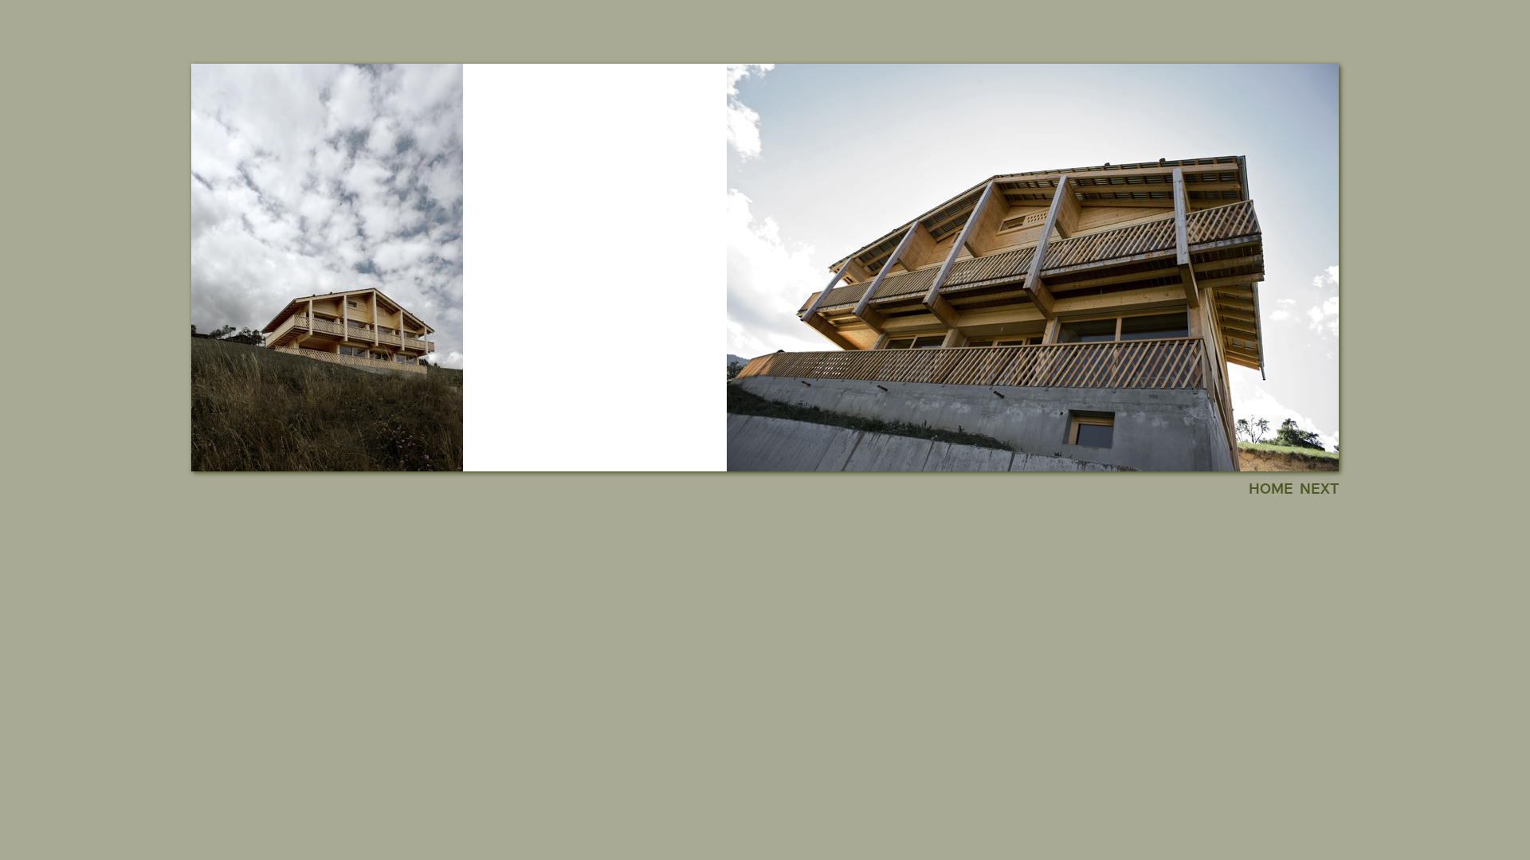 The image size is (1530, 860). What do you see at coordinates (1300, 488) in the screenshot?
I see `'NEXT'` at bounding box center [1300, 488].